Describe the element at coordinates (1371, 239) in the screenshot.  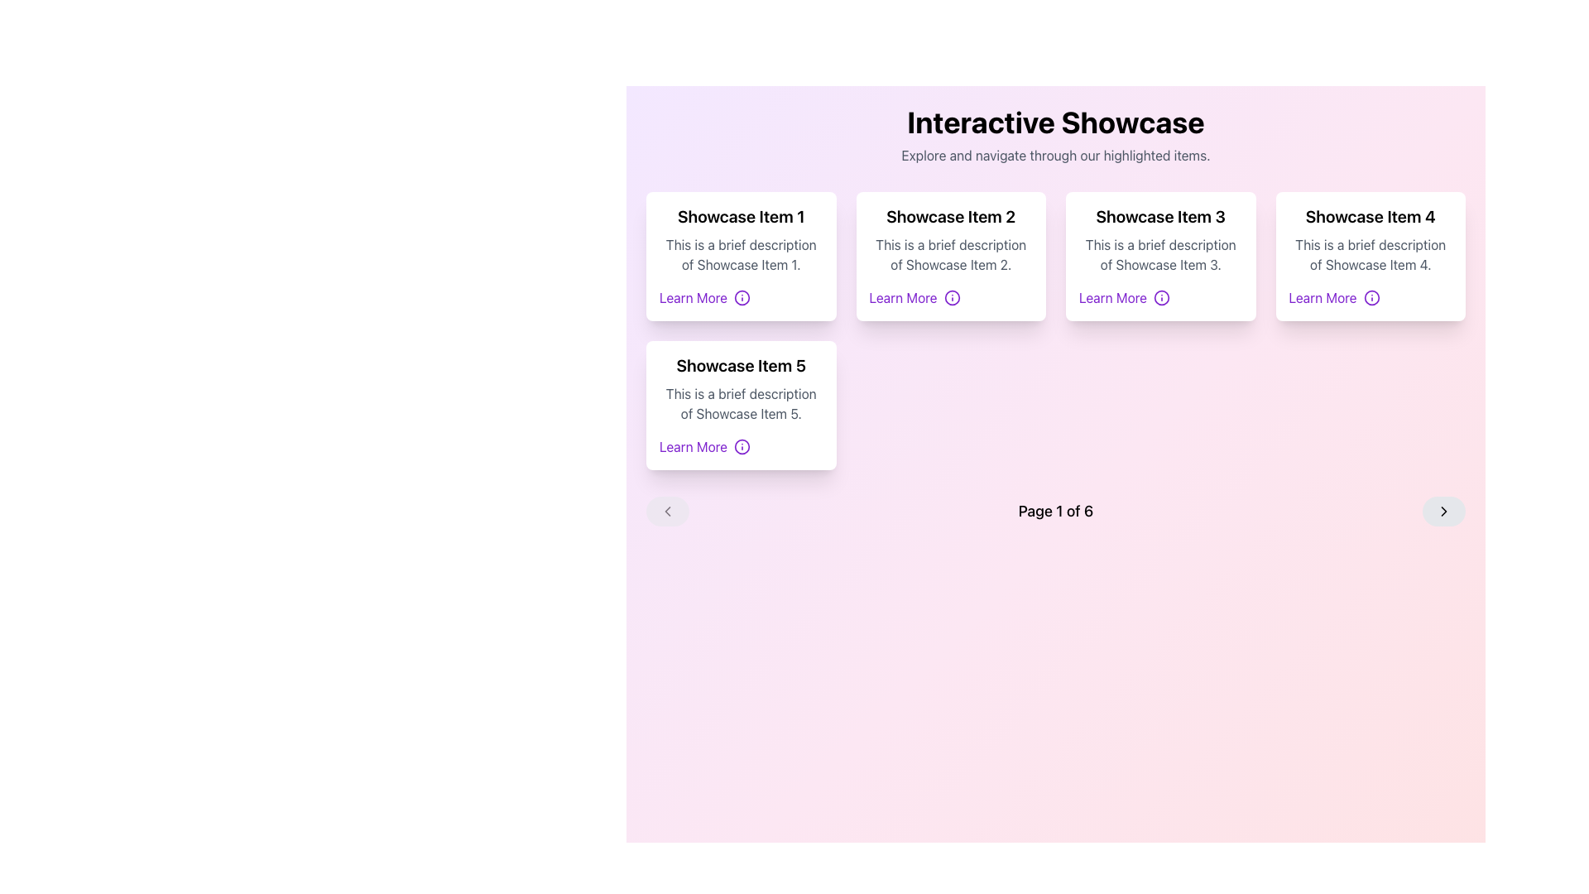
I see `the Text Display Block that contains the bolded text 'Showcase Item 4' and the description 'This is a brief description of Showcase Item 4'` at that location.